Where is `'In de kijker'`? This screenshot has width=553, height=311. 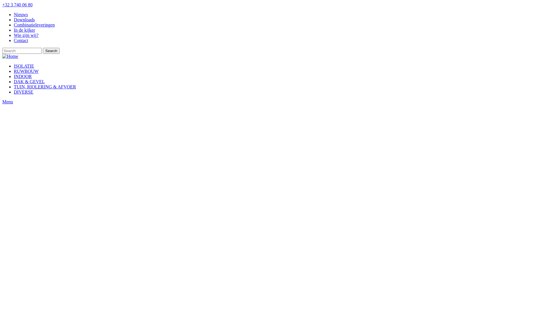 'In de kijker' is located at coordinates (14, 30).